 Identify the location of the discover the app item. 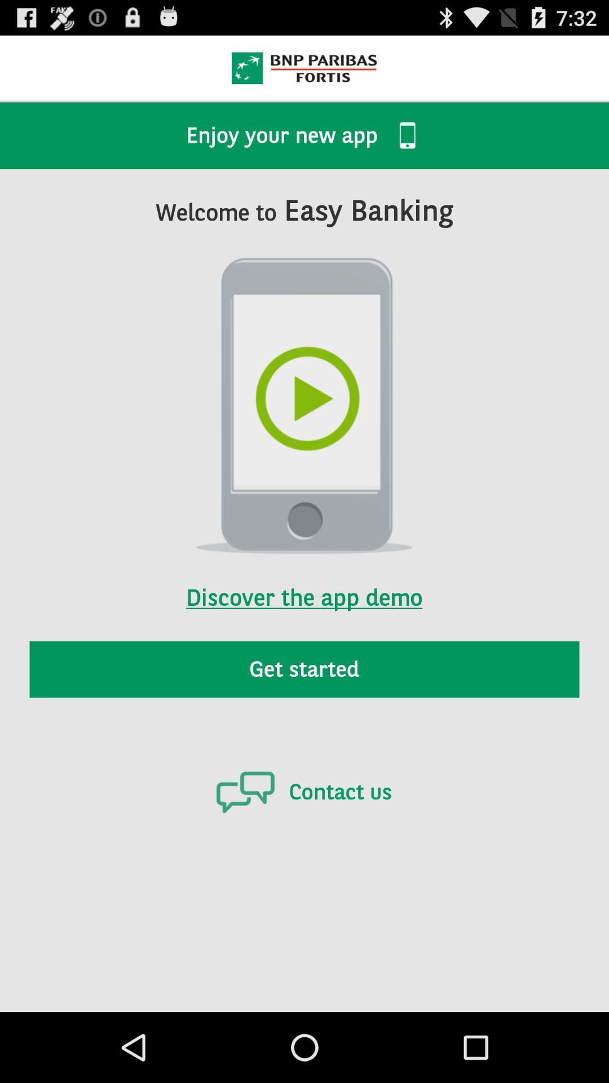
(303, 583).